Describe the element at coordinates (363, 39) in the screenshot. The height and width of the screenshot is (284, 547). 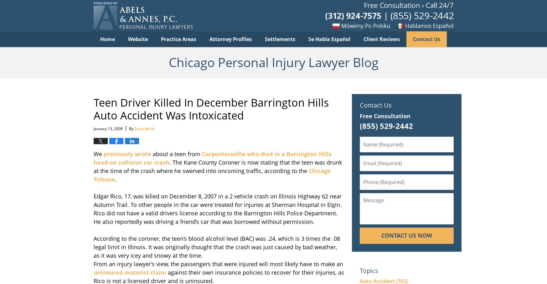
I see `'Client Reviews'` at that location.